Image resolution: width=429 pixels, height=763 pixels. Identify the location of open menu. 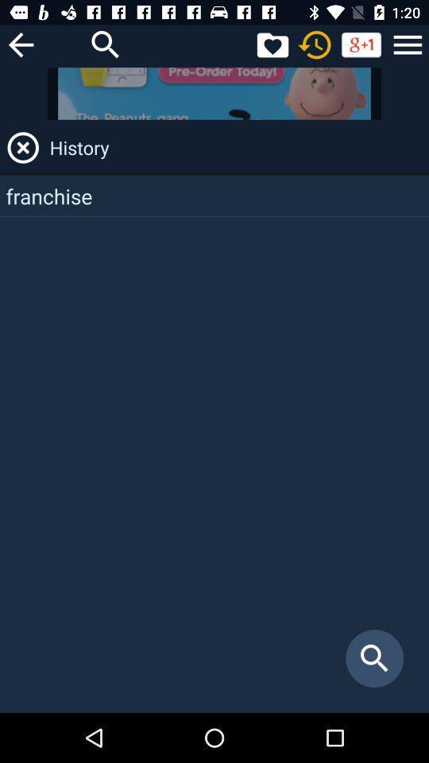
(408, 44).